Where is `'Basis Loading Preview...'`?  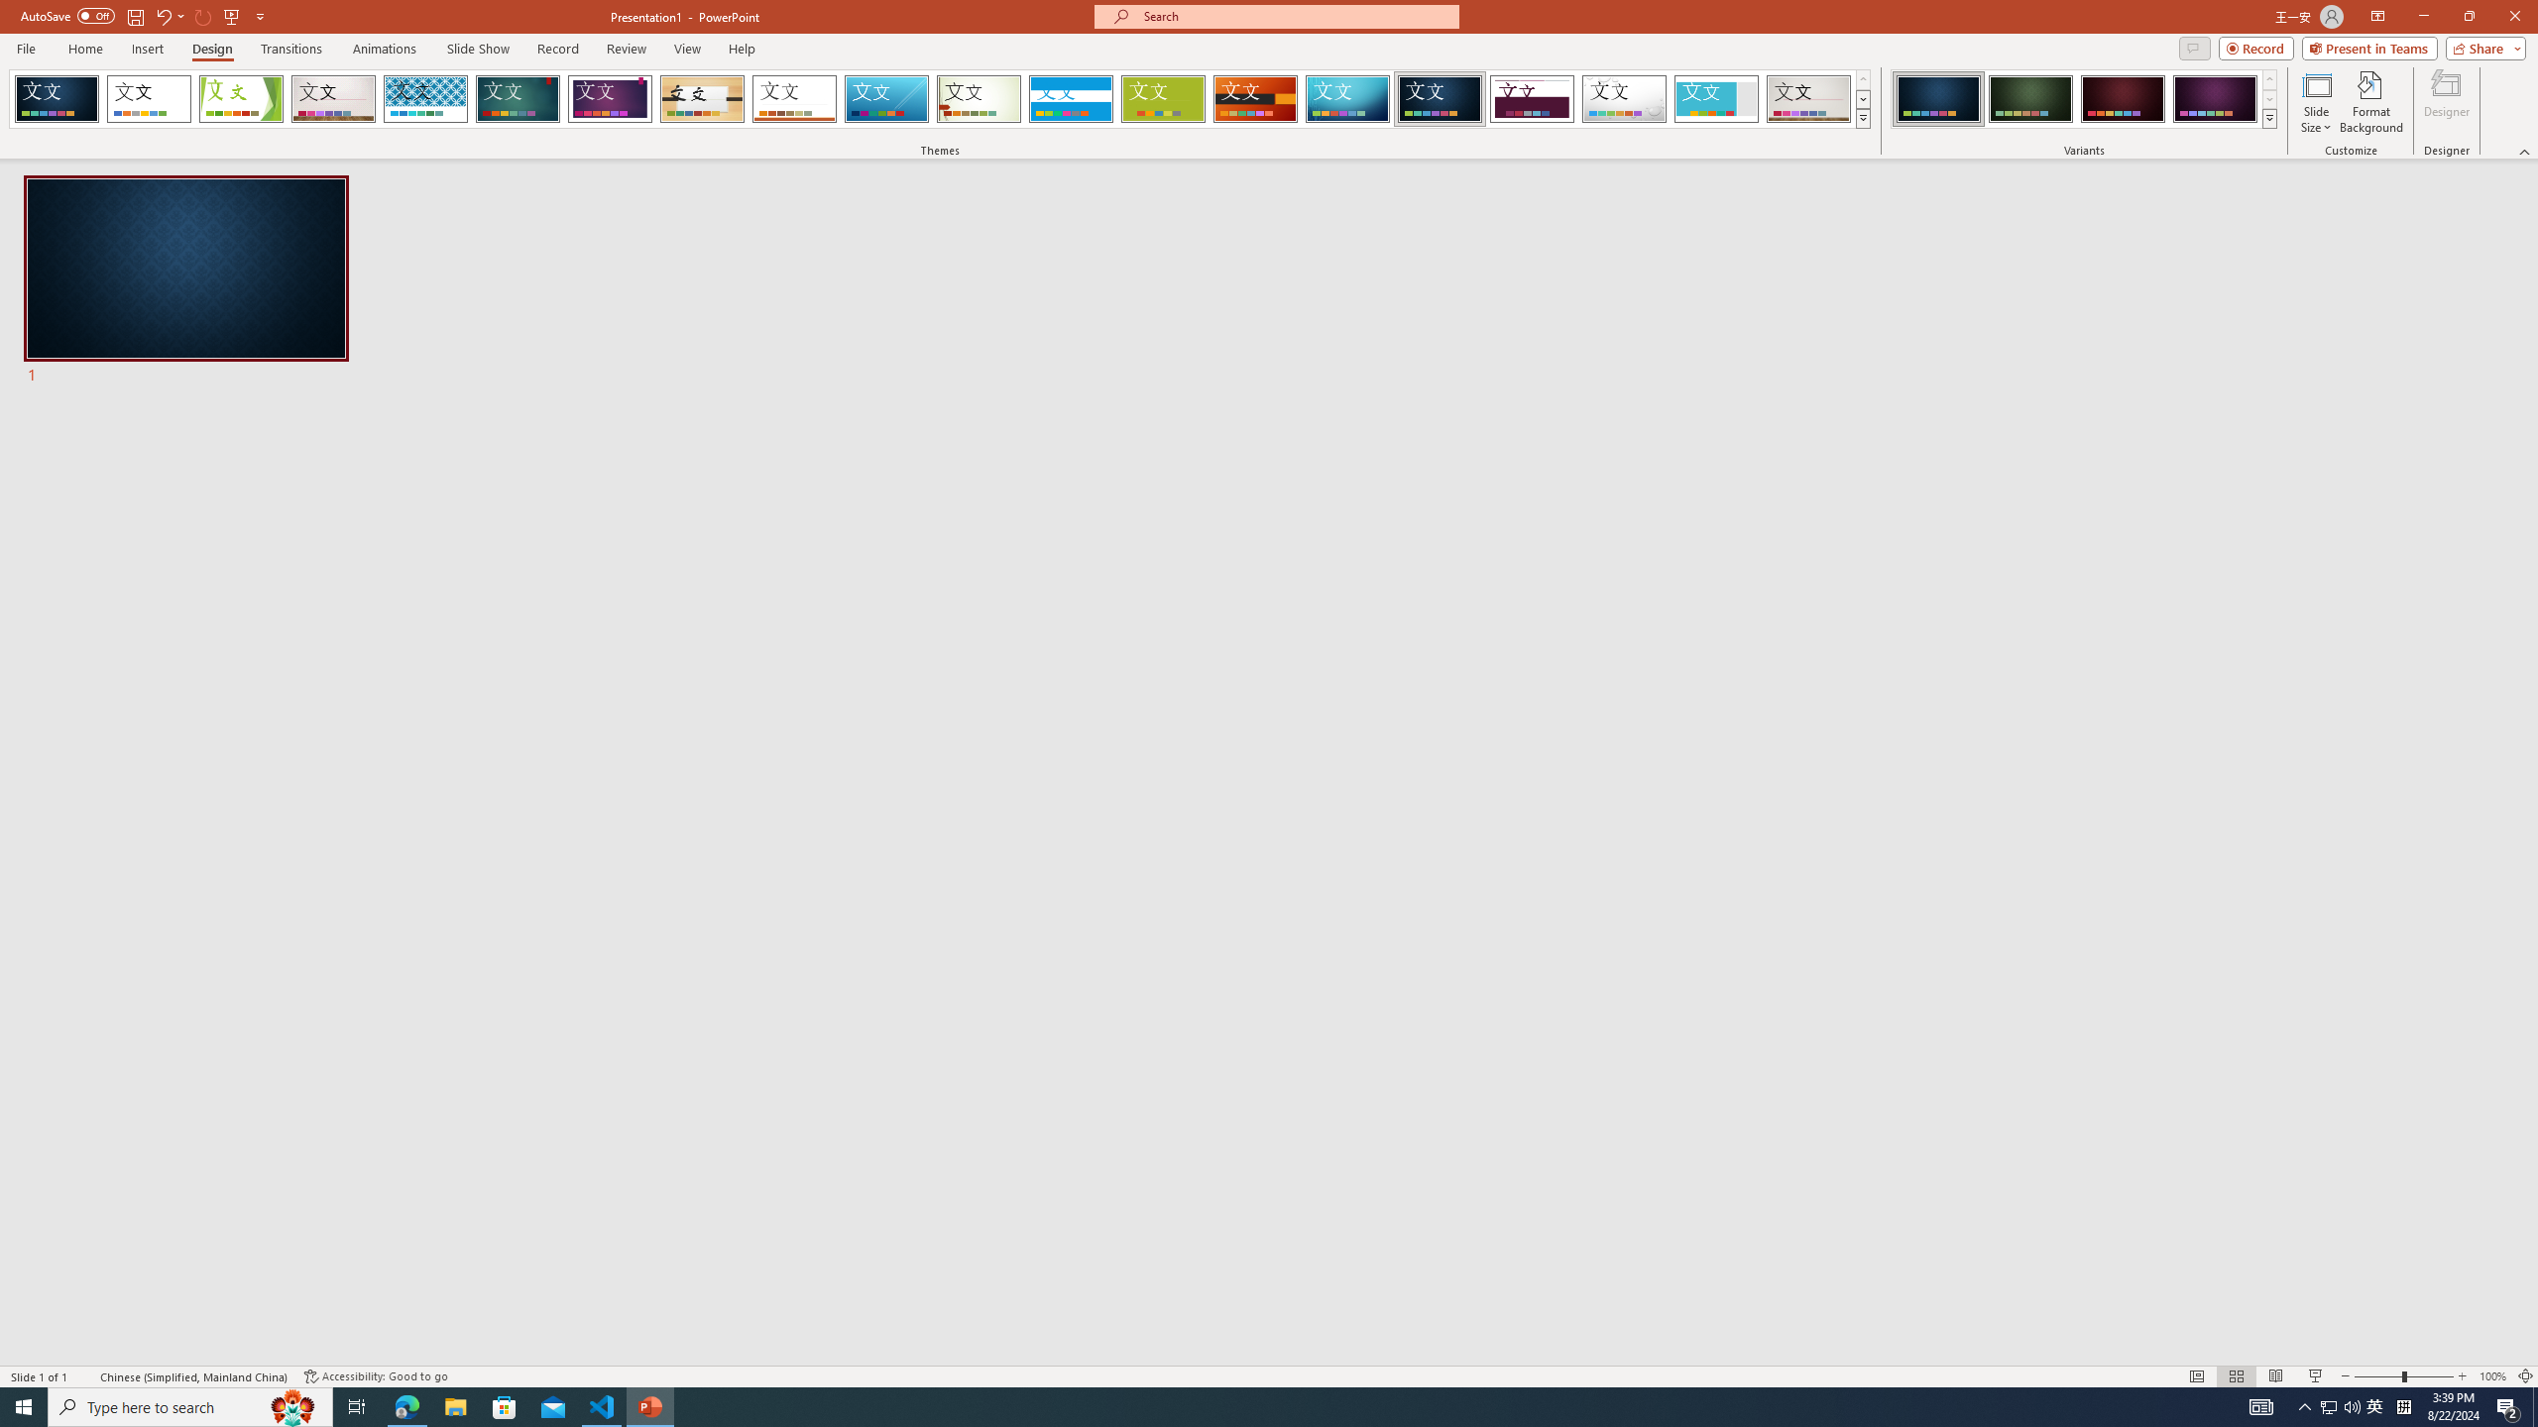
'Basis Loading Preview...' is located at coordinates (1163, 98).